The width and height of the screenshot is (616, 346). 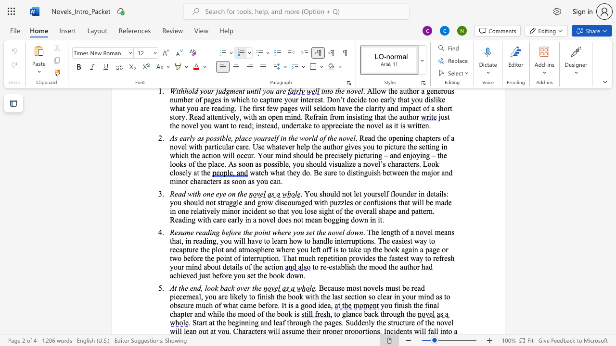 What do you see at coordinates (359, 314) in the screenshot?
I see `the 1th character "e" in the text` at bounding box center [359, 314].